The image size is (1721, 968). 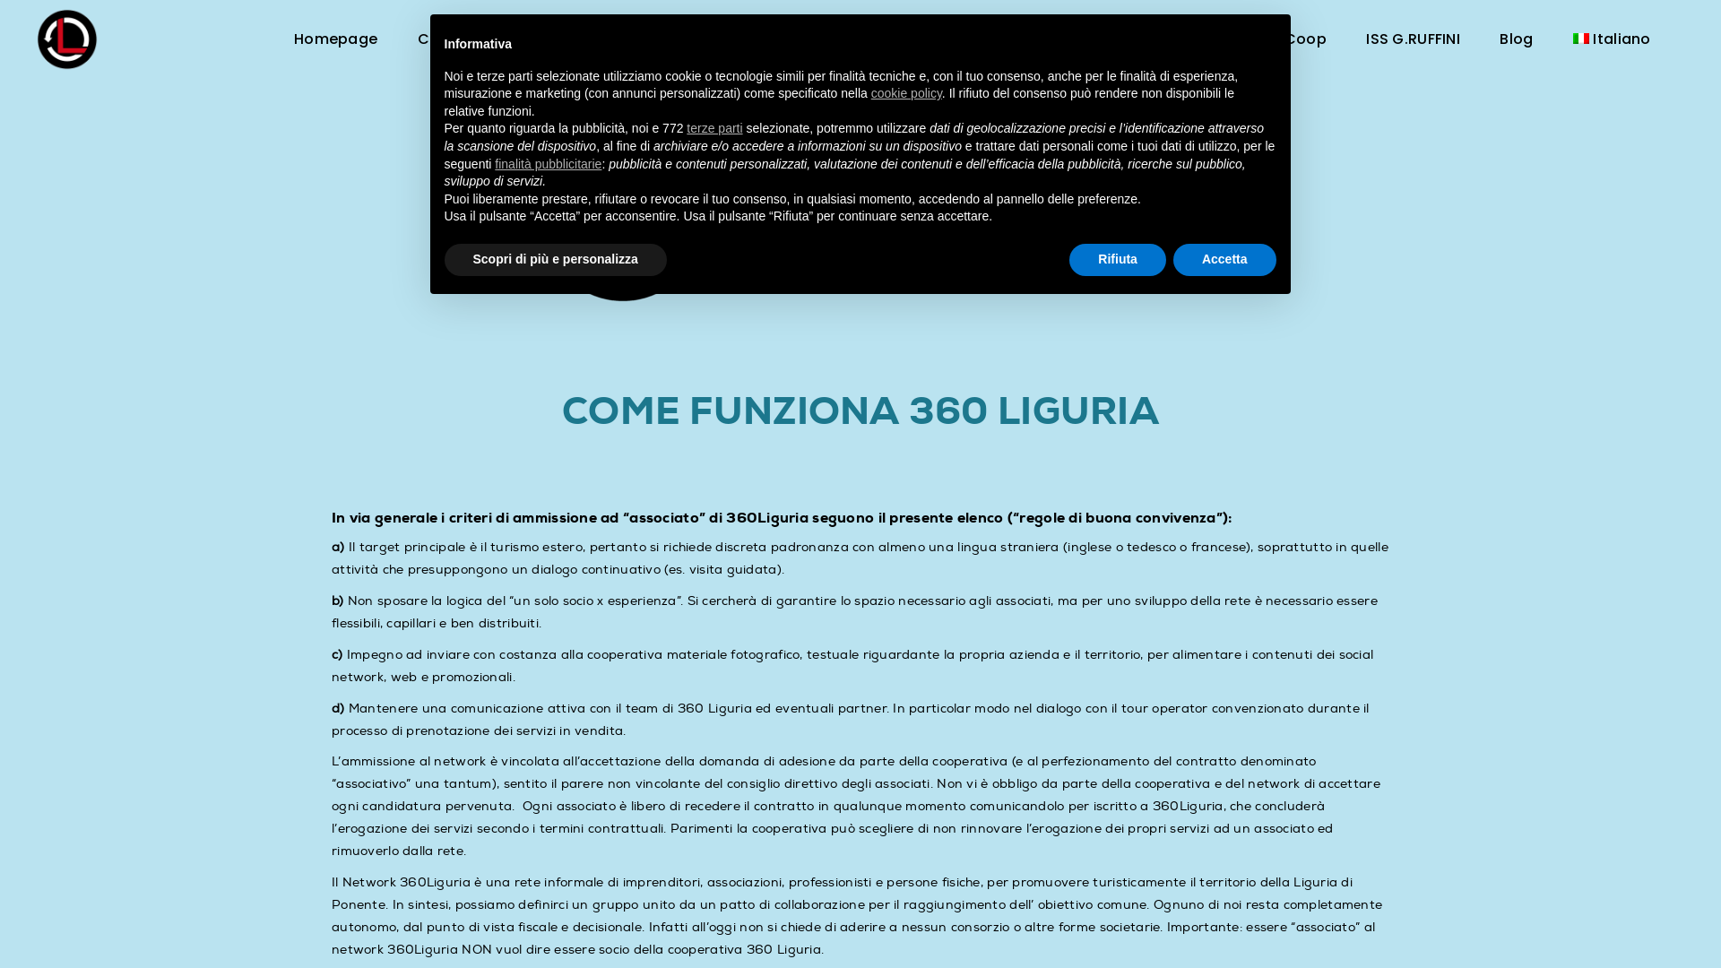 I want to click on 'terze parti', so click(x=713, y=126).